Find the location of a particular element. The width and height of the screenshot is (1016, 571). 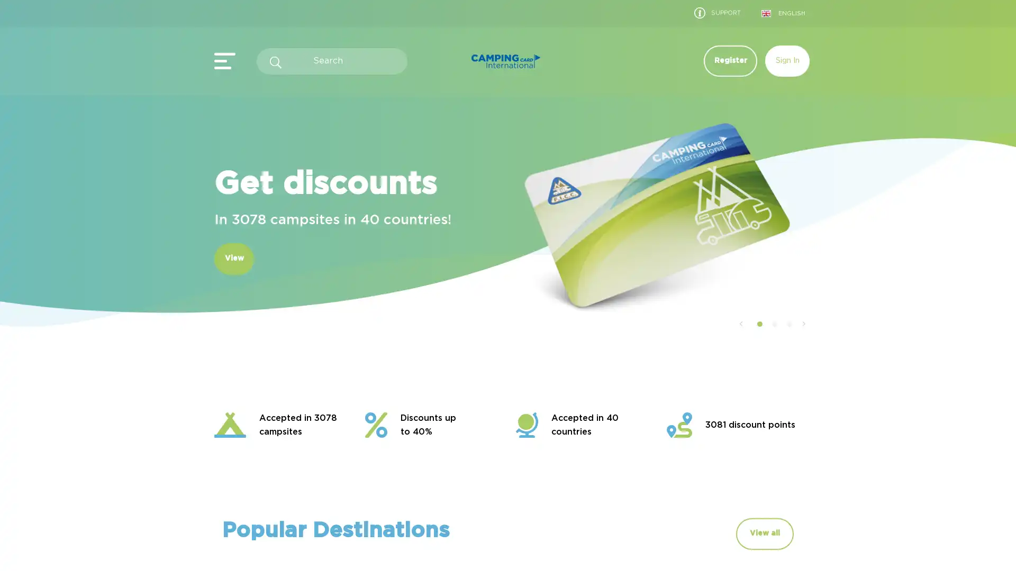

Next is located at coordinates (803, 324).